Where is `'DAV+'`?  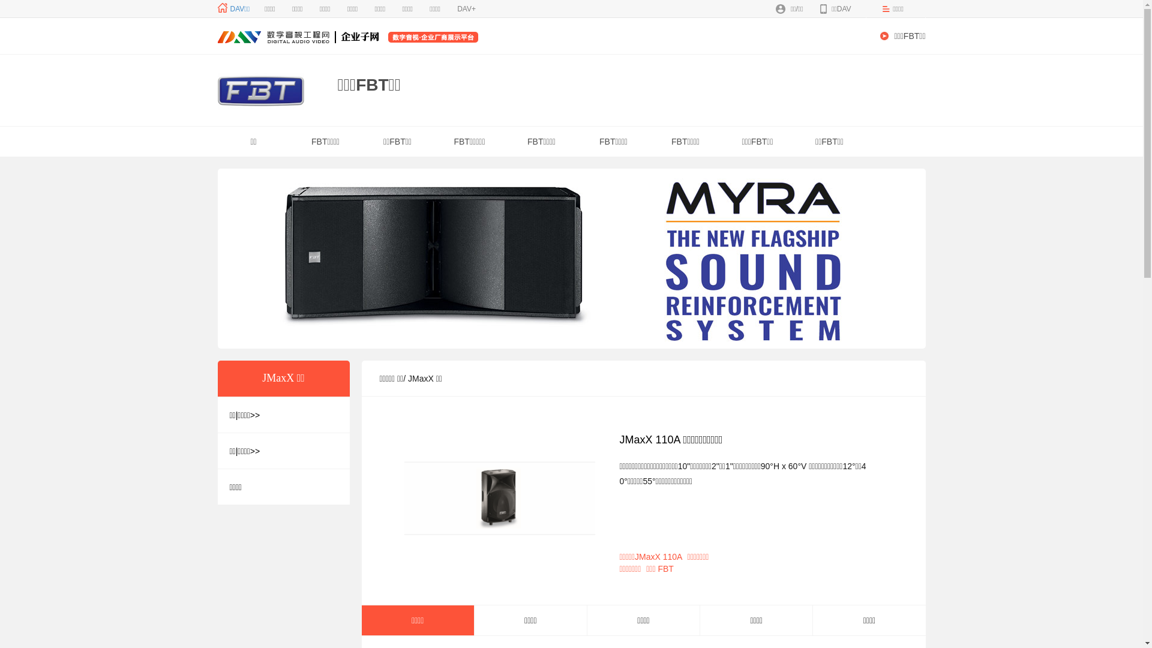 'DAV+' is located at coordinates (466, 9).